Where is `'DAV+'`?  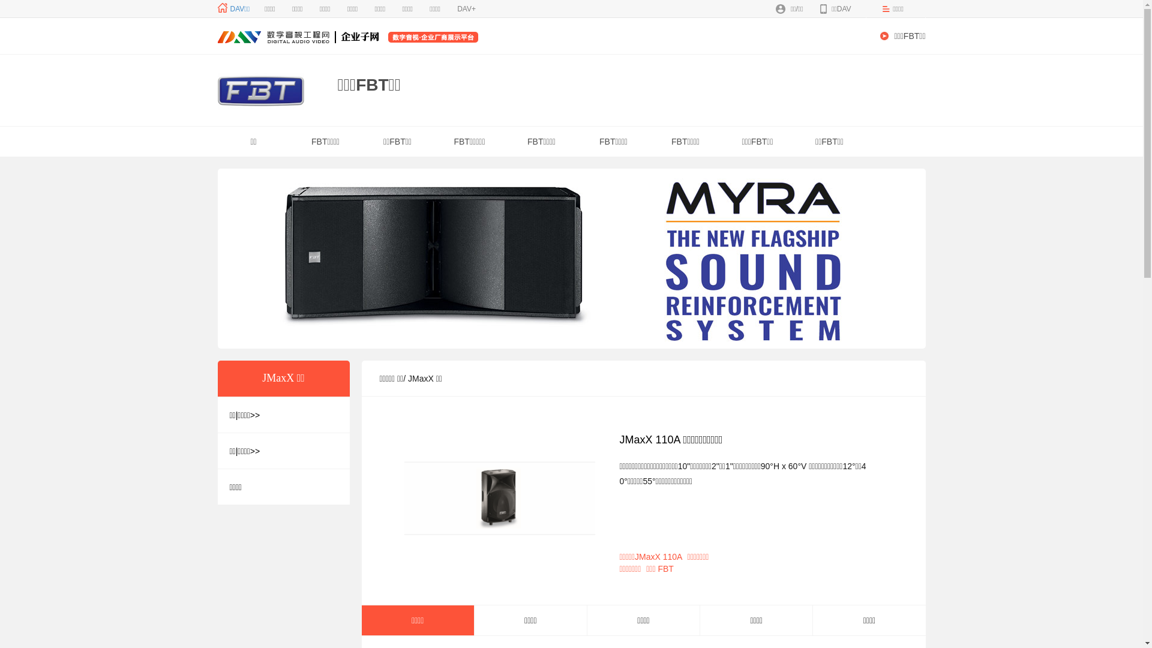 'DAV+' is located at coordinates (466, 9).